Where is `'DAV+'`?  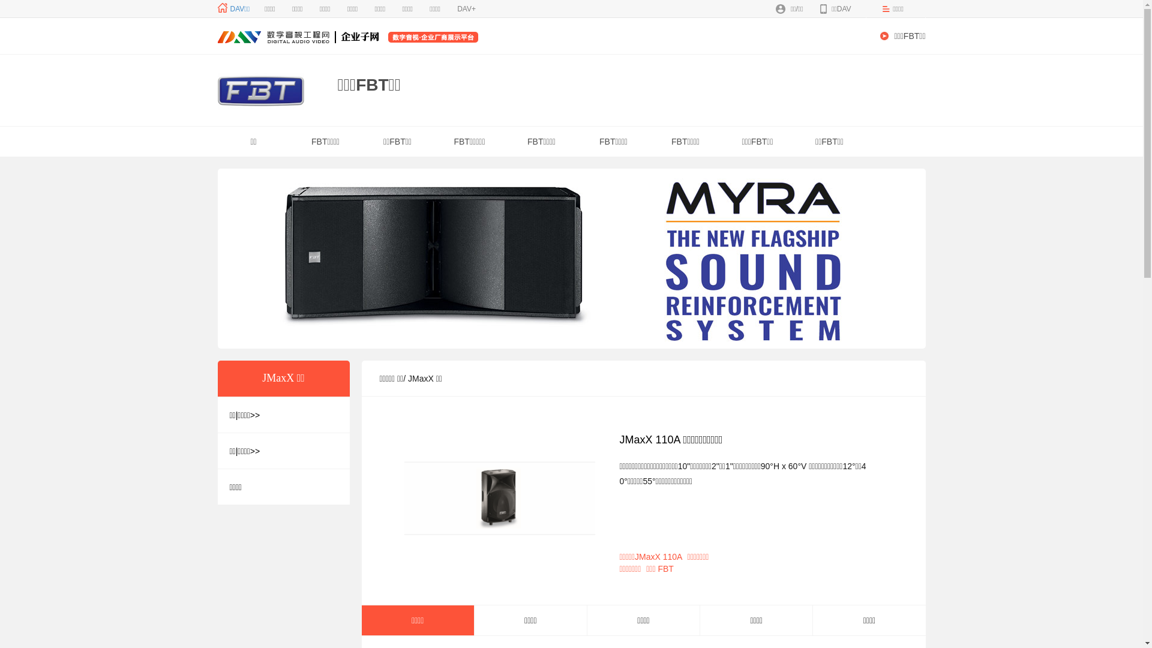 'DAV+' is located at coordinates (466, 9).